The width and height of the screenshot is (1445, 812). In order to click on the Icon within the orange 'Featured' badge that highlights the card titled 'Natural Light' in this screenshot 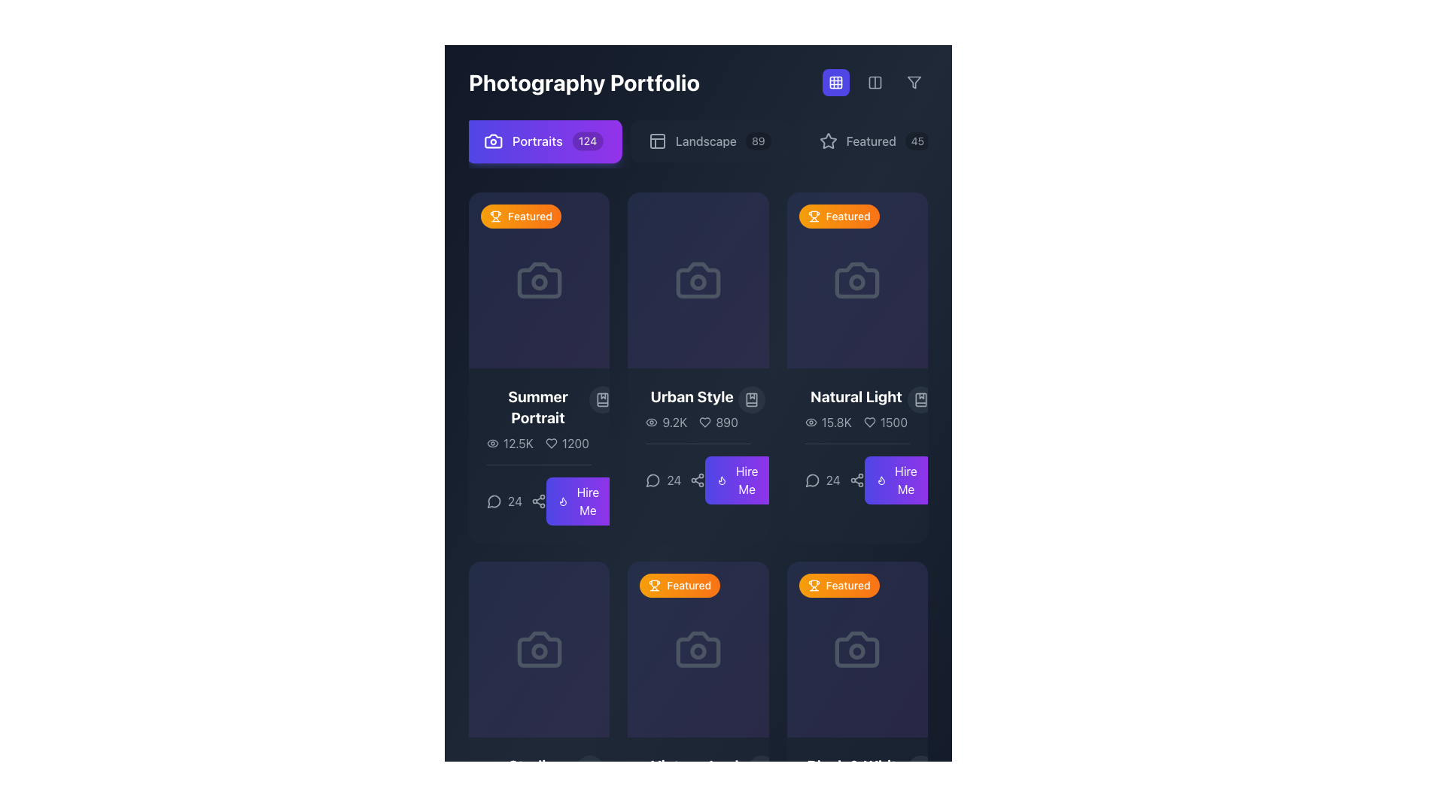, I will do `click(813, 214)`.